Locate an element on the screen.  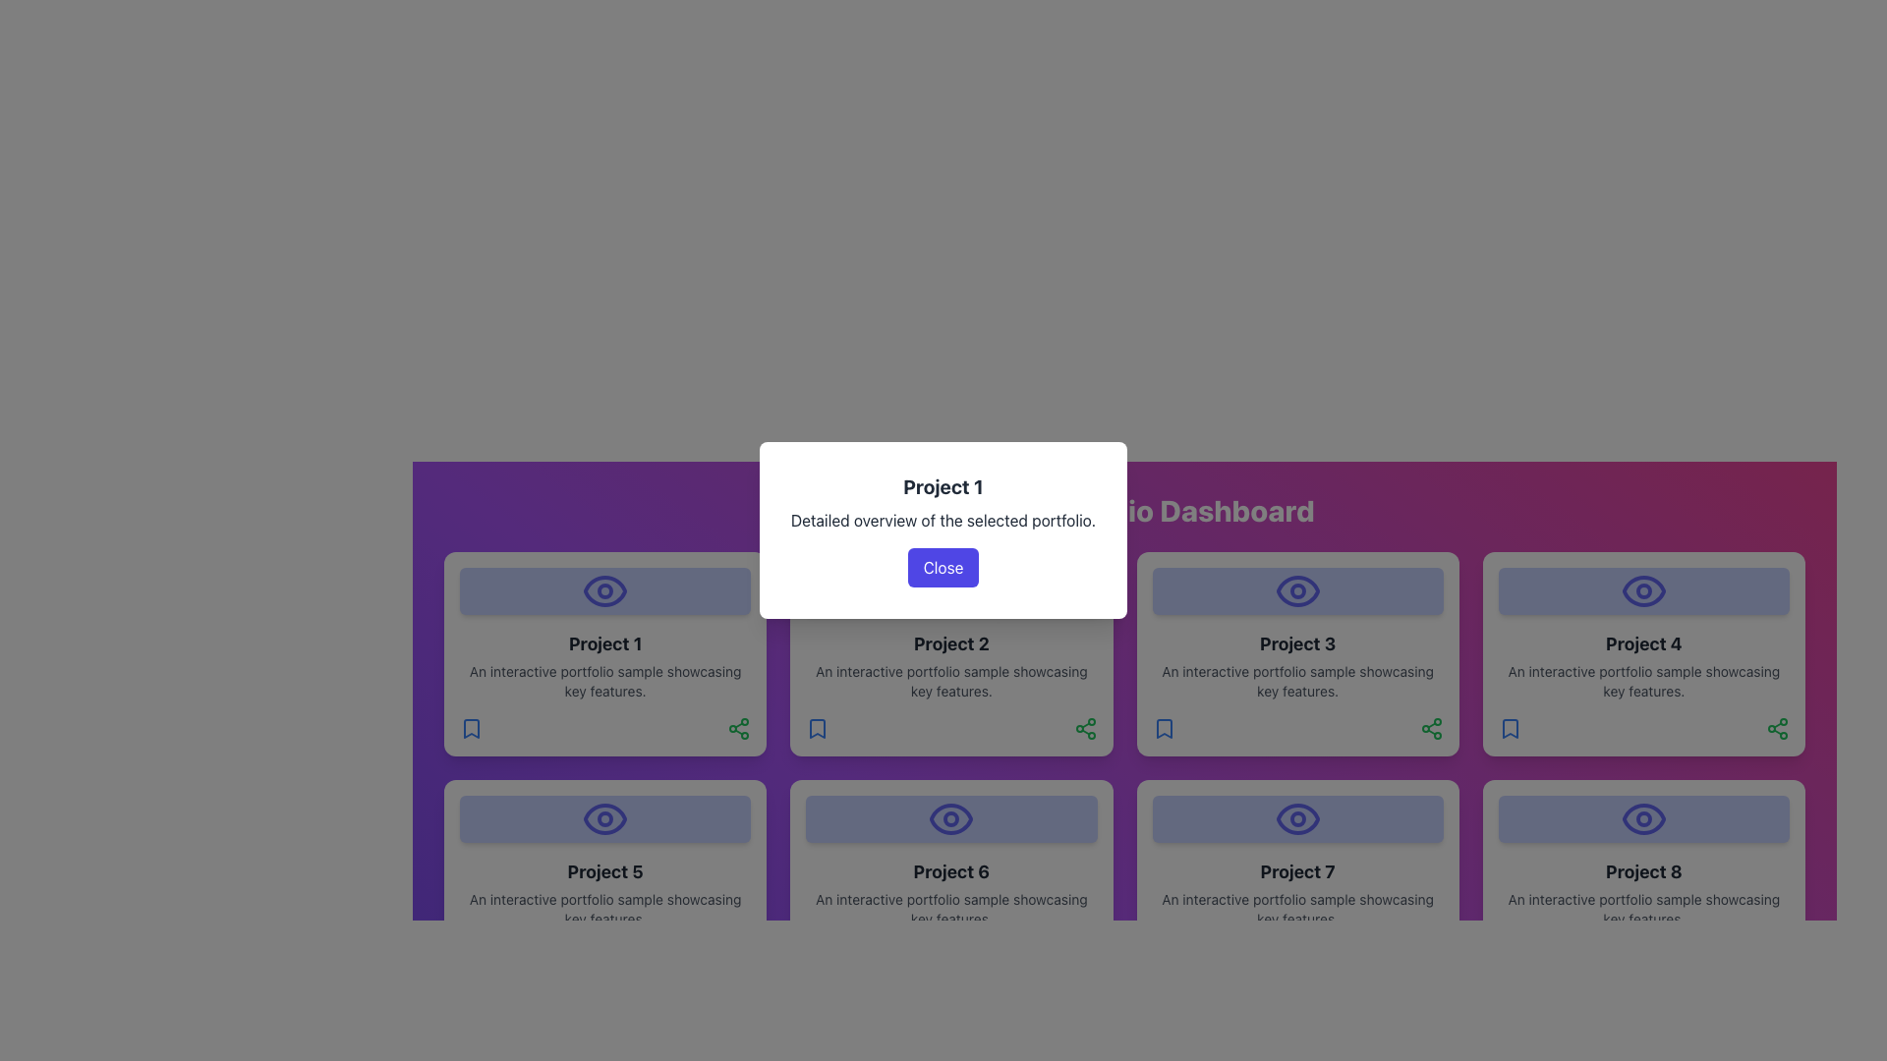
the bookmark icon located at the bottom-left corner of the 'Project 1' card is located at coordinates (472, 728).